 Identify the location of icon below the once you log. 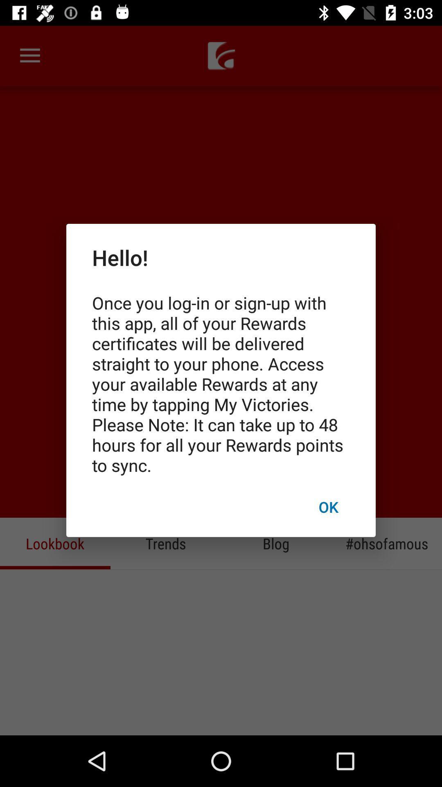
(328, 506).